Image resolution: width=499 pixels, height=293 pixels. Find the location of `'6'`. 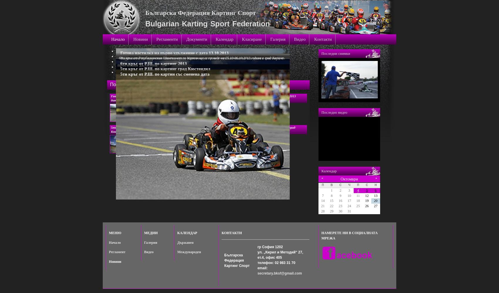

'6' is located at coordinates (375, 190).